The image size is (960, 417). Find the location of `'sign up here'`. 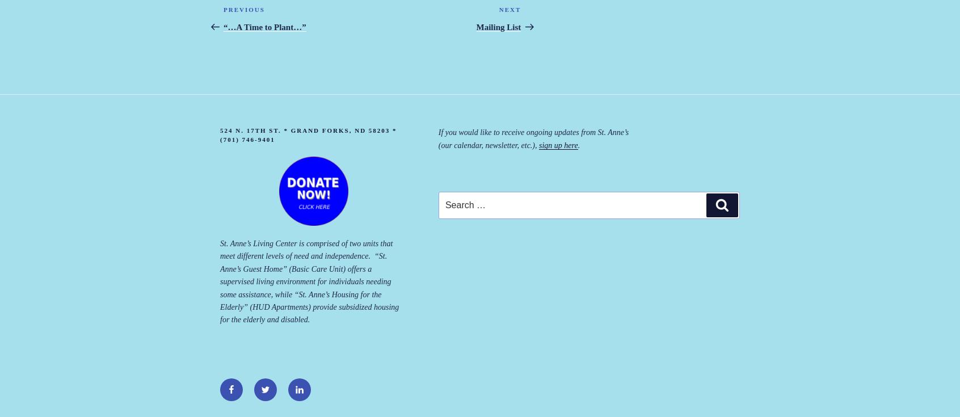

'sign up here' is located at coordinates (558, 144).